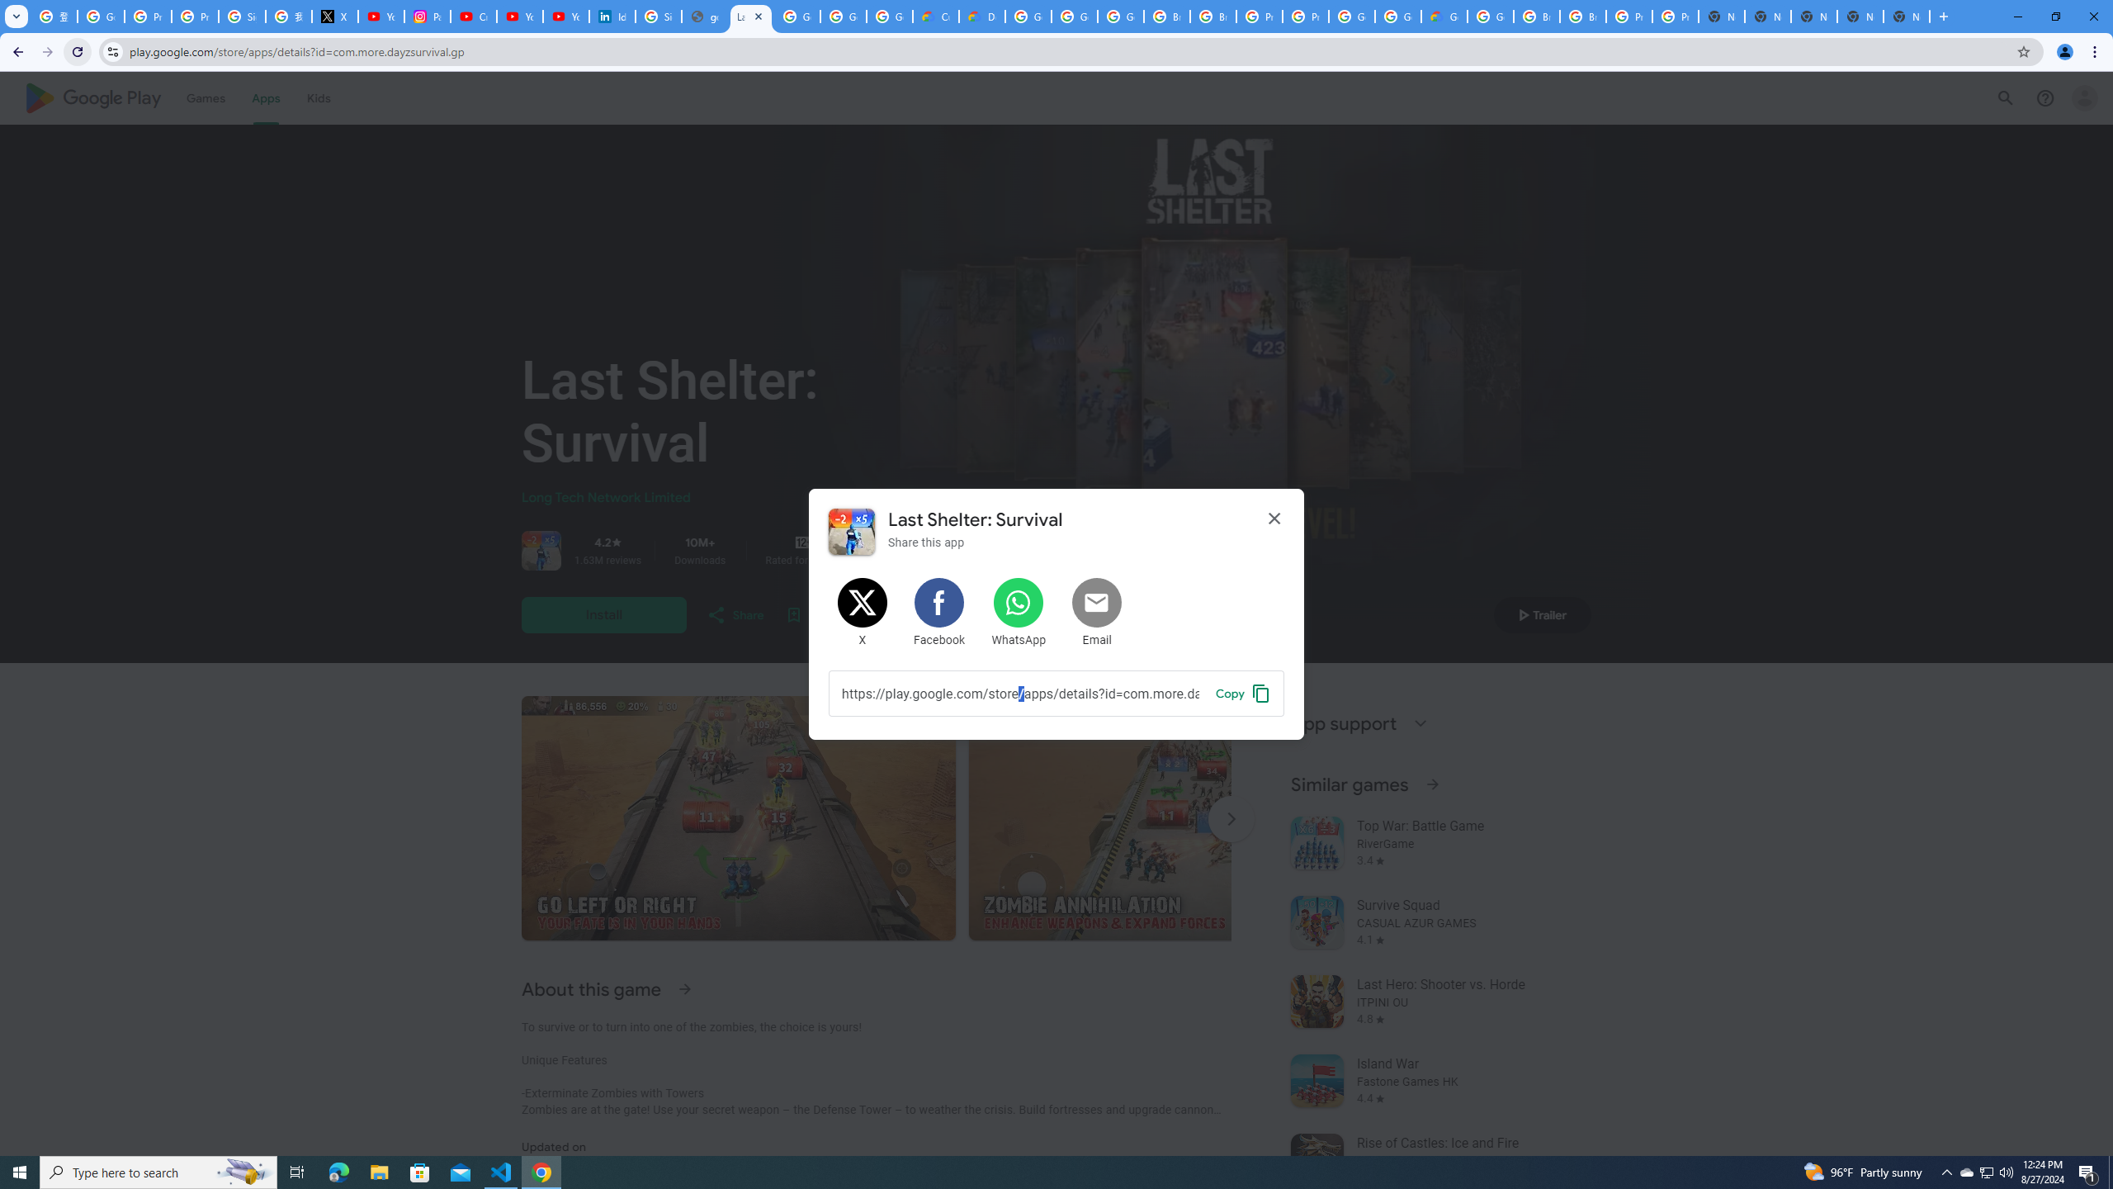 The width and height of the screenshot is (2113, 1189). What do you see at coordinates (844, 16) in the screenshot?
I see `'Google Workspace - Specific Terms'` at bounding box center [844, 16].